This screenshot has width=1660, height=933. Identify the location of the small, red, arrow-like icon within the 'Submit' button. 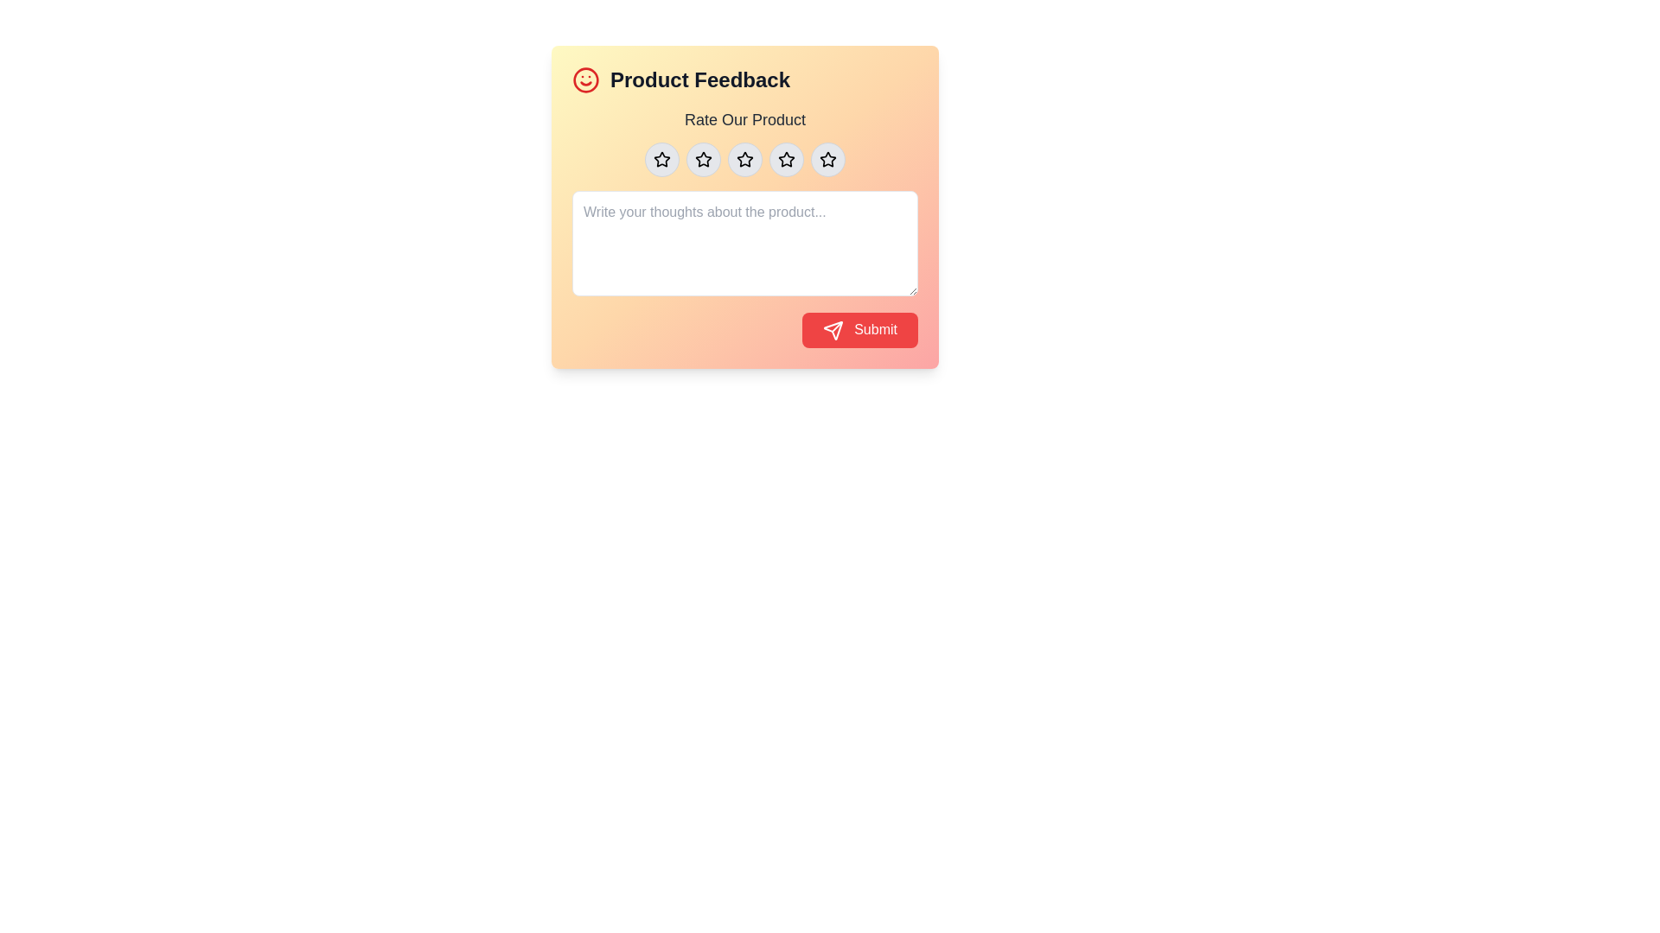
(833, 330).